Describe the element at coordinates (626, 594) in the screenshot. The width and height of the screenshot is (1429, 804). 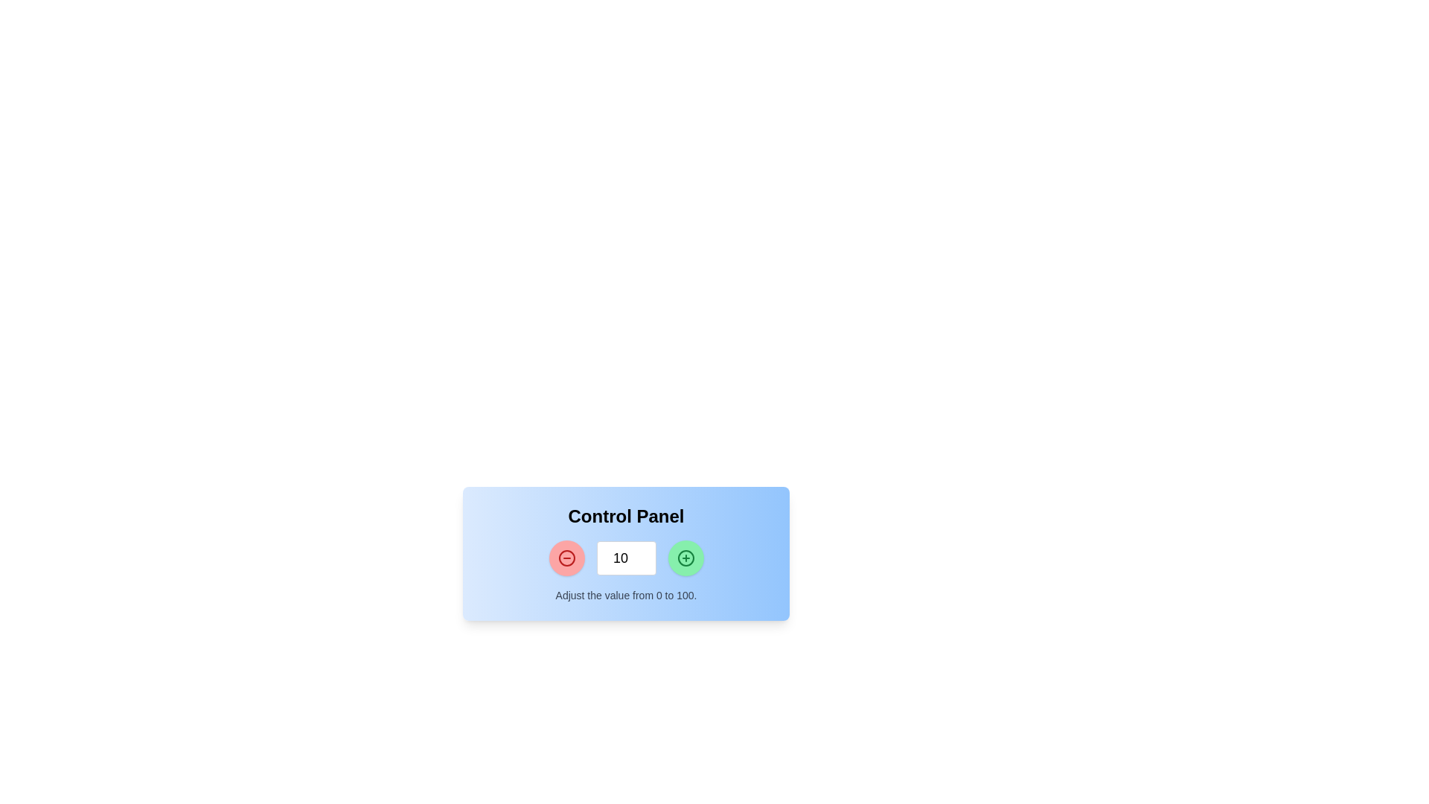
I see `instructions from the text label located at the bottom of the Control Panel, which provides guidance for the numeric input field above it` at that location.